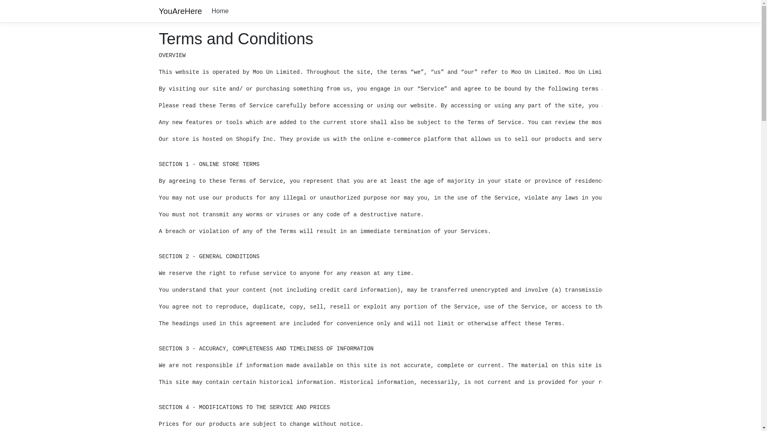 This screenshot has height=431, width=767. I want to click on 'Home', so click(220, 11).